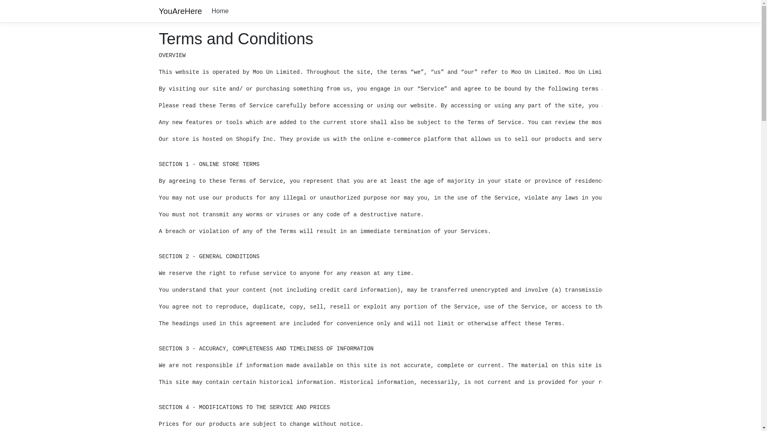 This screenshot has height=431, width=767. I want to click on 'Home', so click(220, 11).